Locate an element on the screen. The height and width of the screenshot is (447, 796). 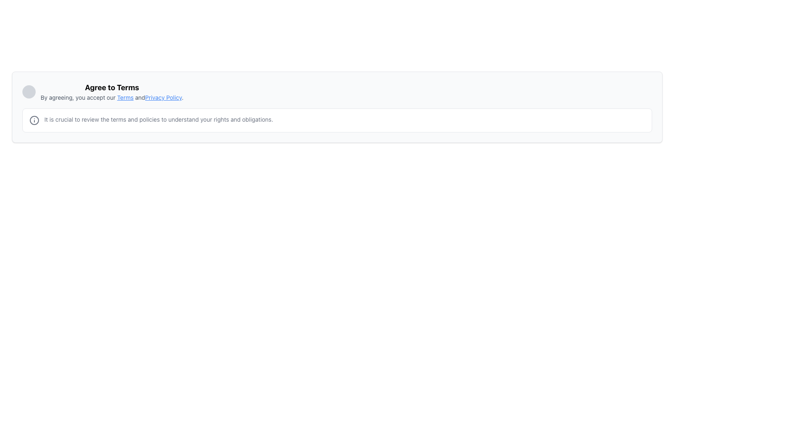
the hyperlinked text 'Terms' and 'Privacy Policy' within the light gray text snippet 'By agreeing, you accept our Terms and Privacy Policy' is located at coordinates (112, 97).